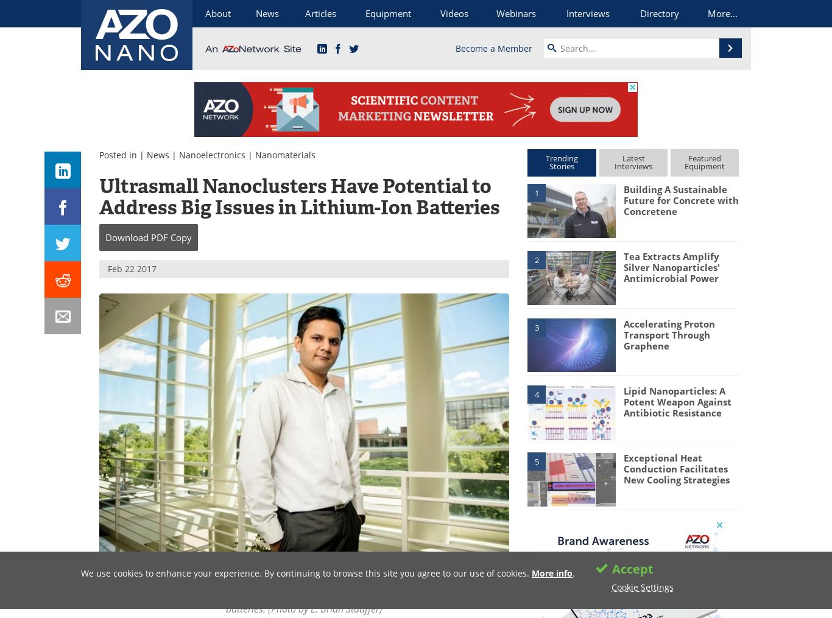  What do you see at coordinates (722, 13) in the screenshot?
I see `'More...'` at bounding box center [722, 13].